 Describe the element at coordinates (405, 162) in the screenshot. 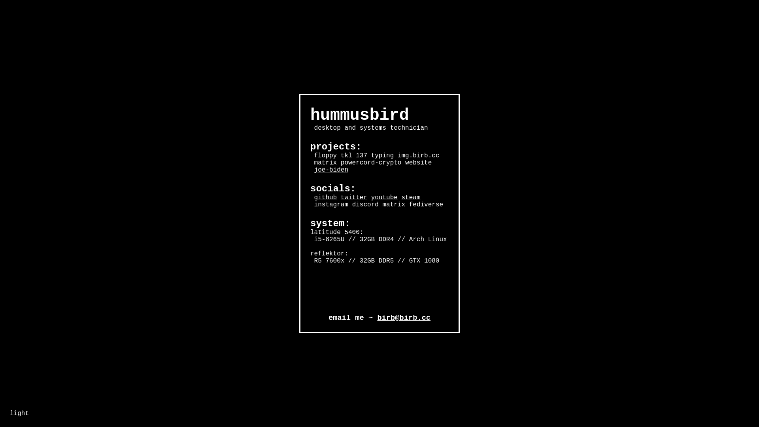

I see `'website'` at that location.